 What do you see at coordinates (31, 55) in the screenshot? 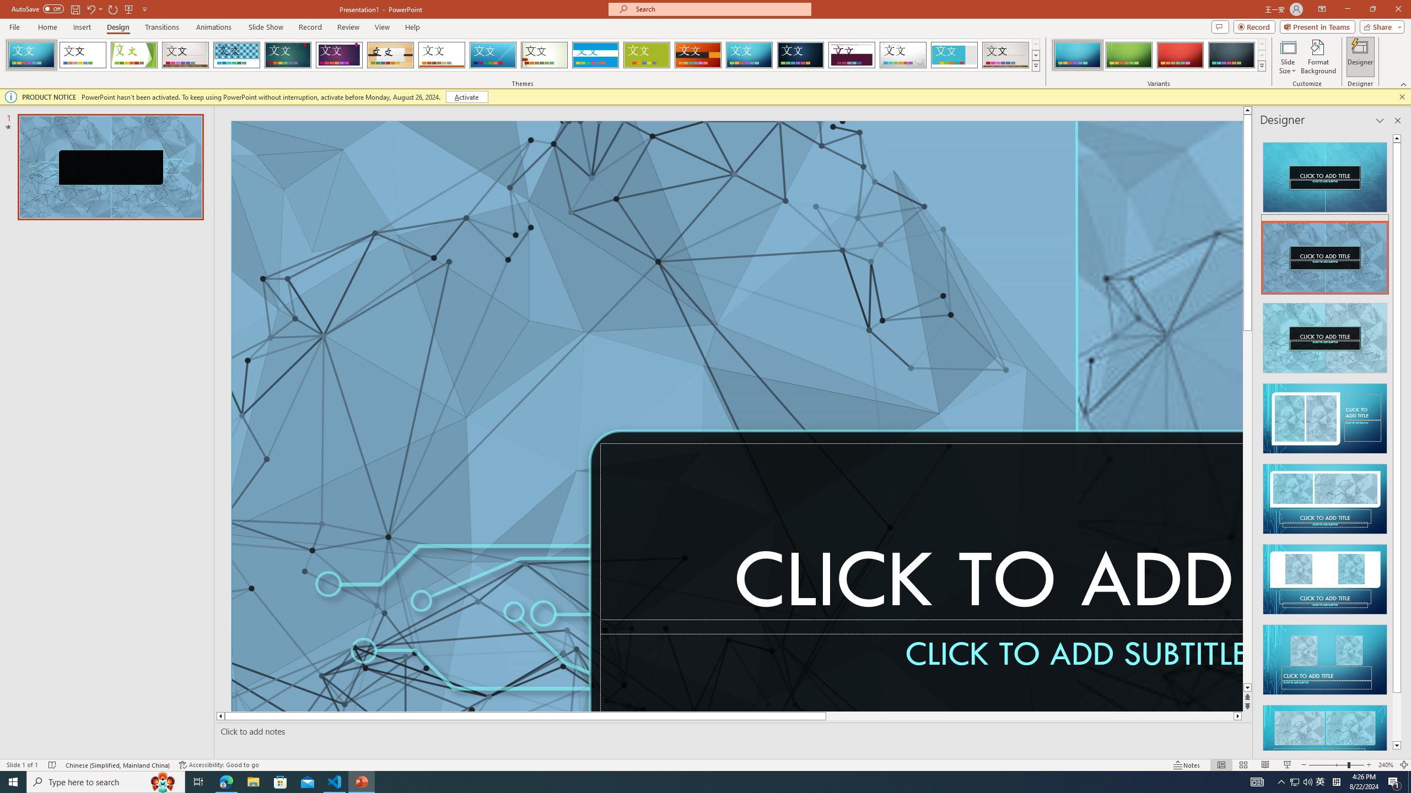
I see `'FadeVTI'` at bounding box center [31, 55].